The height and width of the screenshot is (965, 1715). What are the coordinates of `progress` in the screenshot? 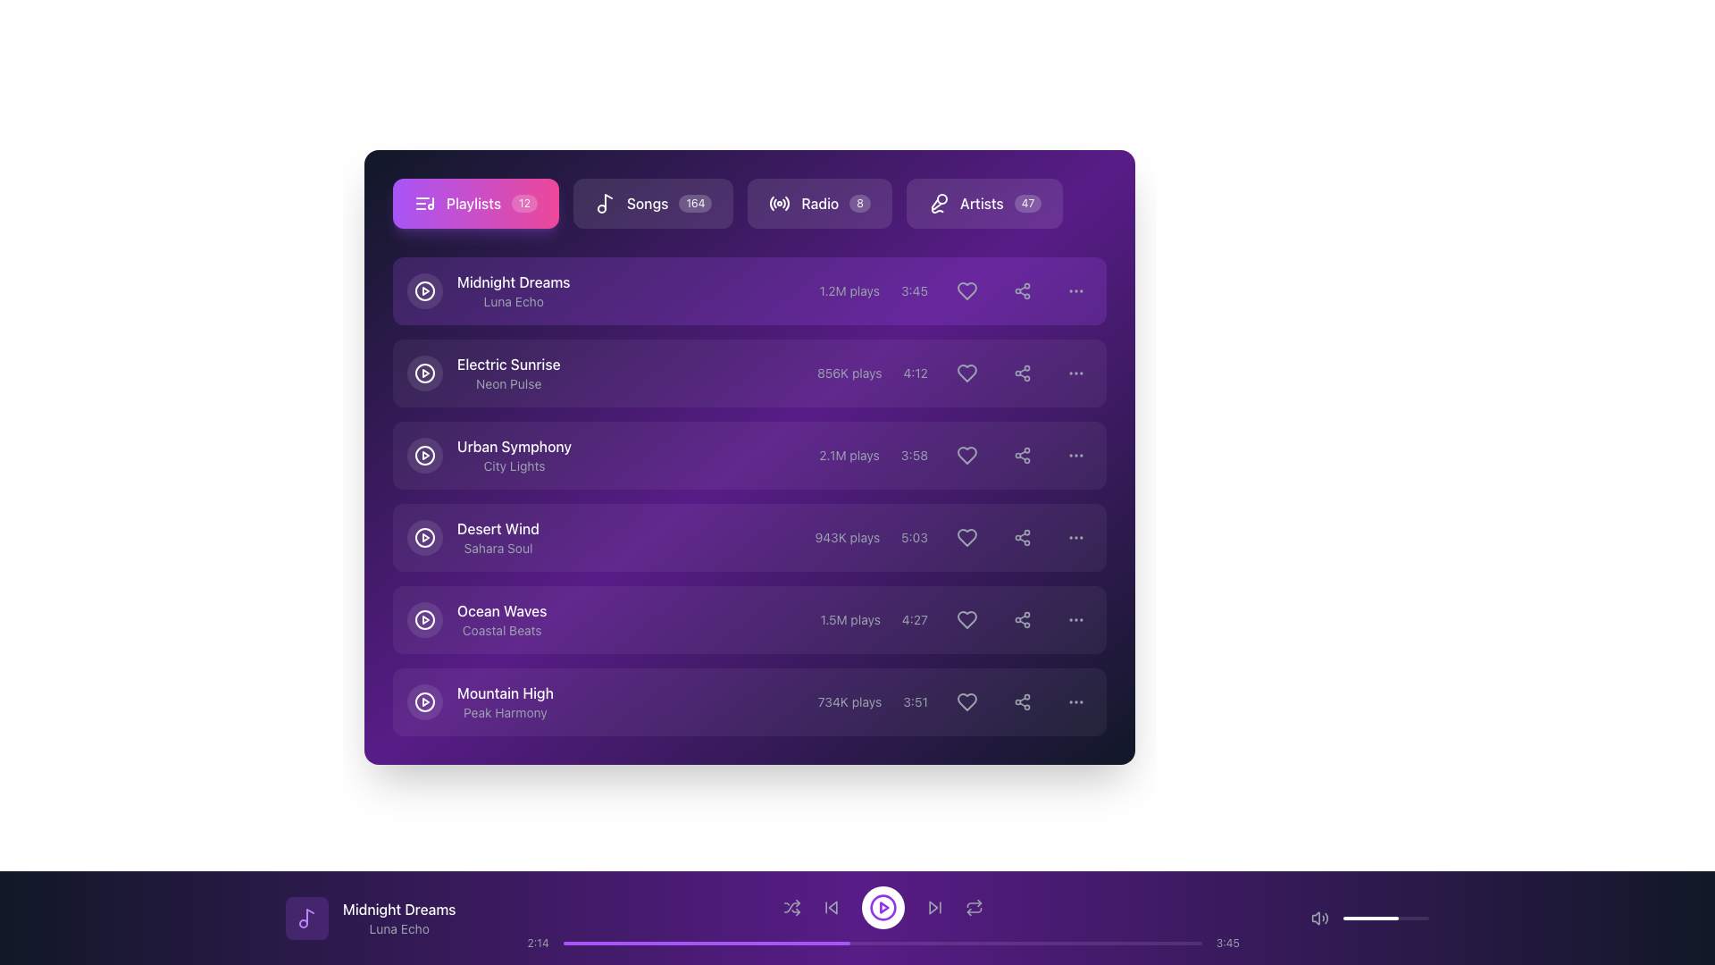 It's located at (627, 943).